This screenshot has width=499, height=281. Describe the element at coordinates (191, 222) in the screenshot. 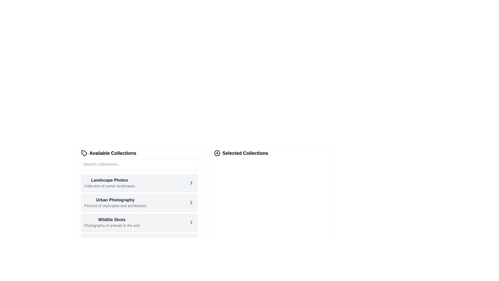

I see `the chevron icon in the 'Wildlife Shots' section` at that location.